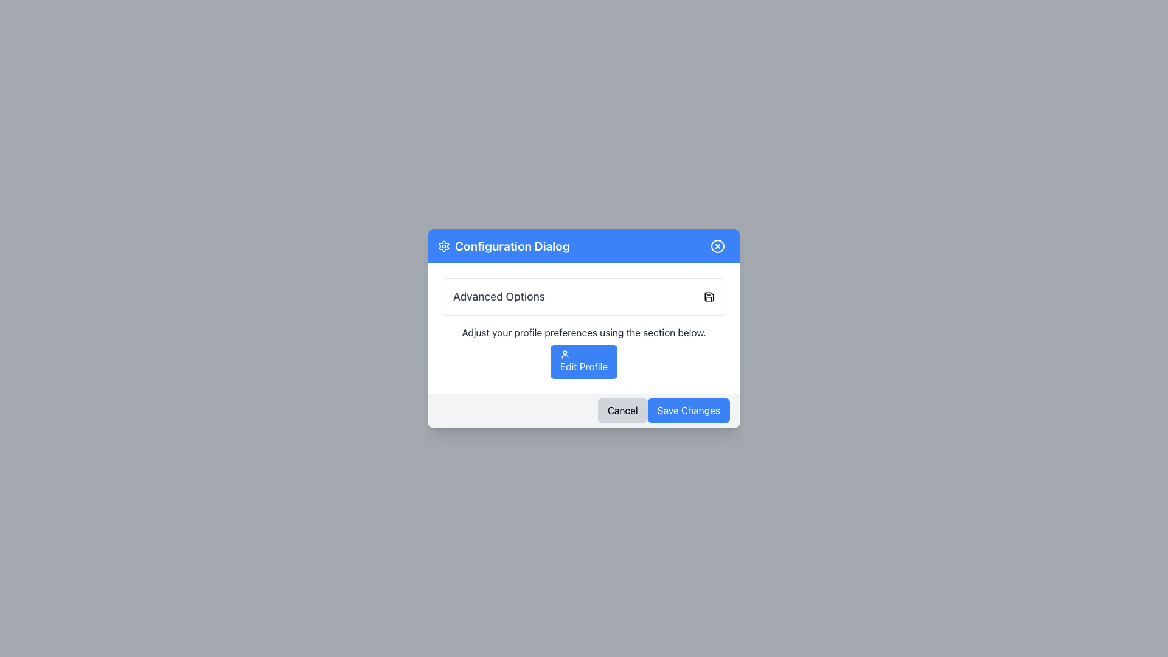  I want to click on the confirm button located at the bottom-right corner of the 'Configuration Dialog', so click(689, 411).